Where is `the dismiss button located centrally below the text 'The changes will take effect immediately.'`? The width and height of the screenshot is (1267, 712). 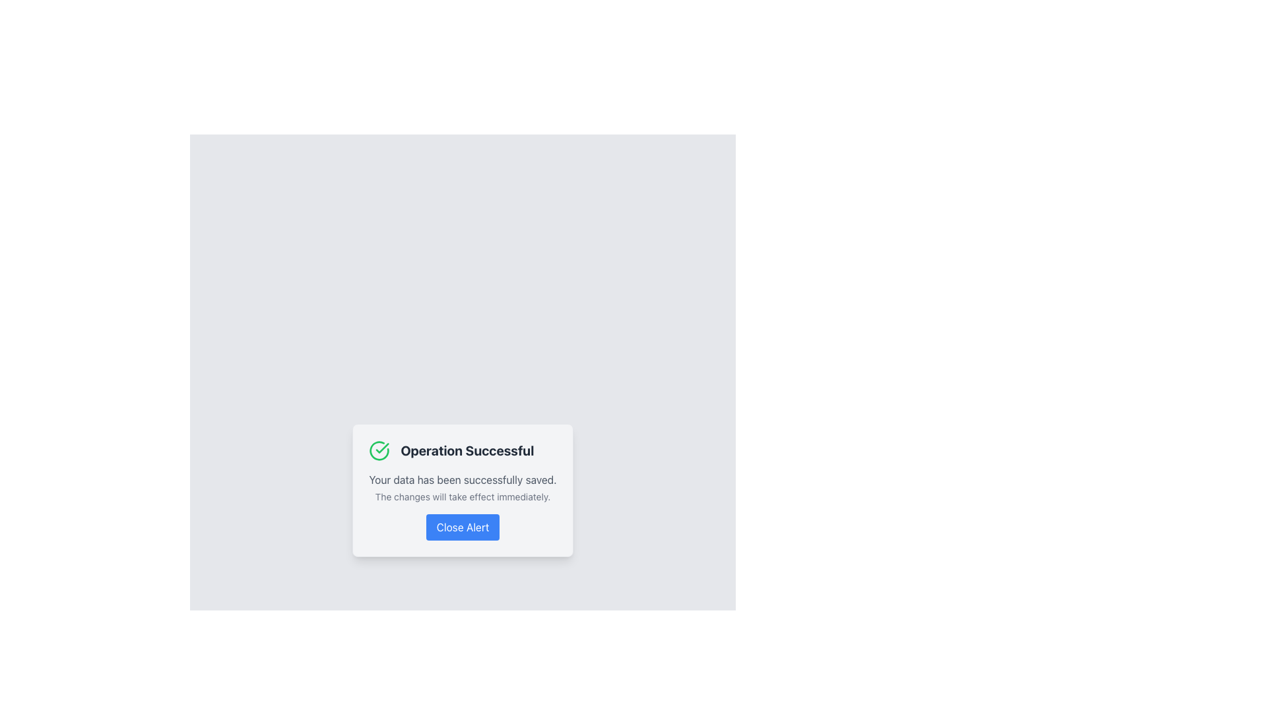
the dismiss button located centrally below the text 'The changes will take effect immediately.' is located at coordinates (463, 526).